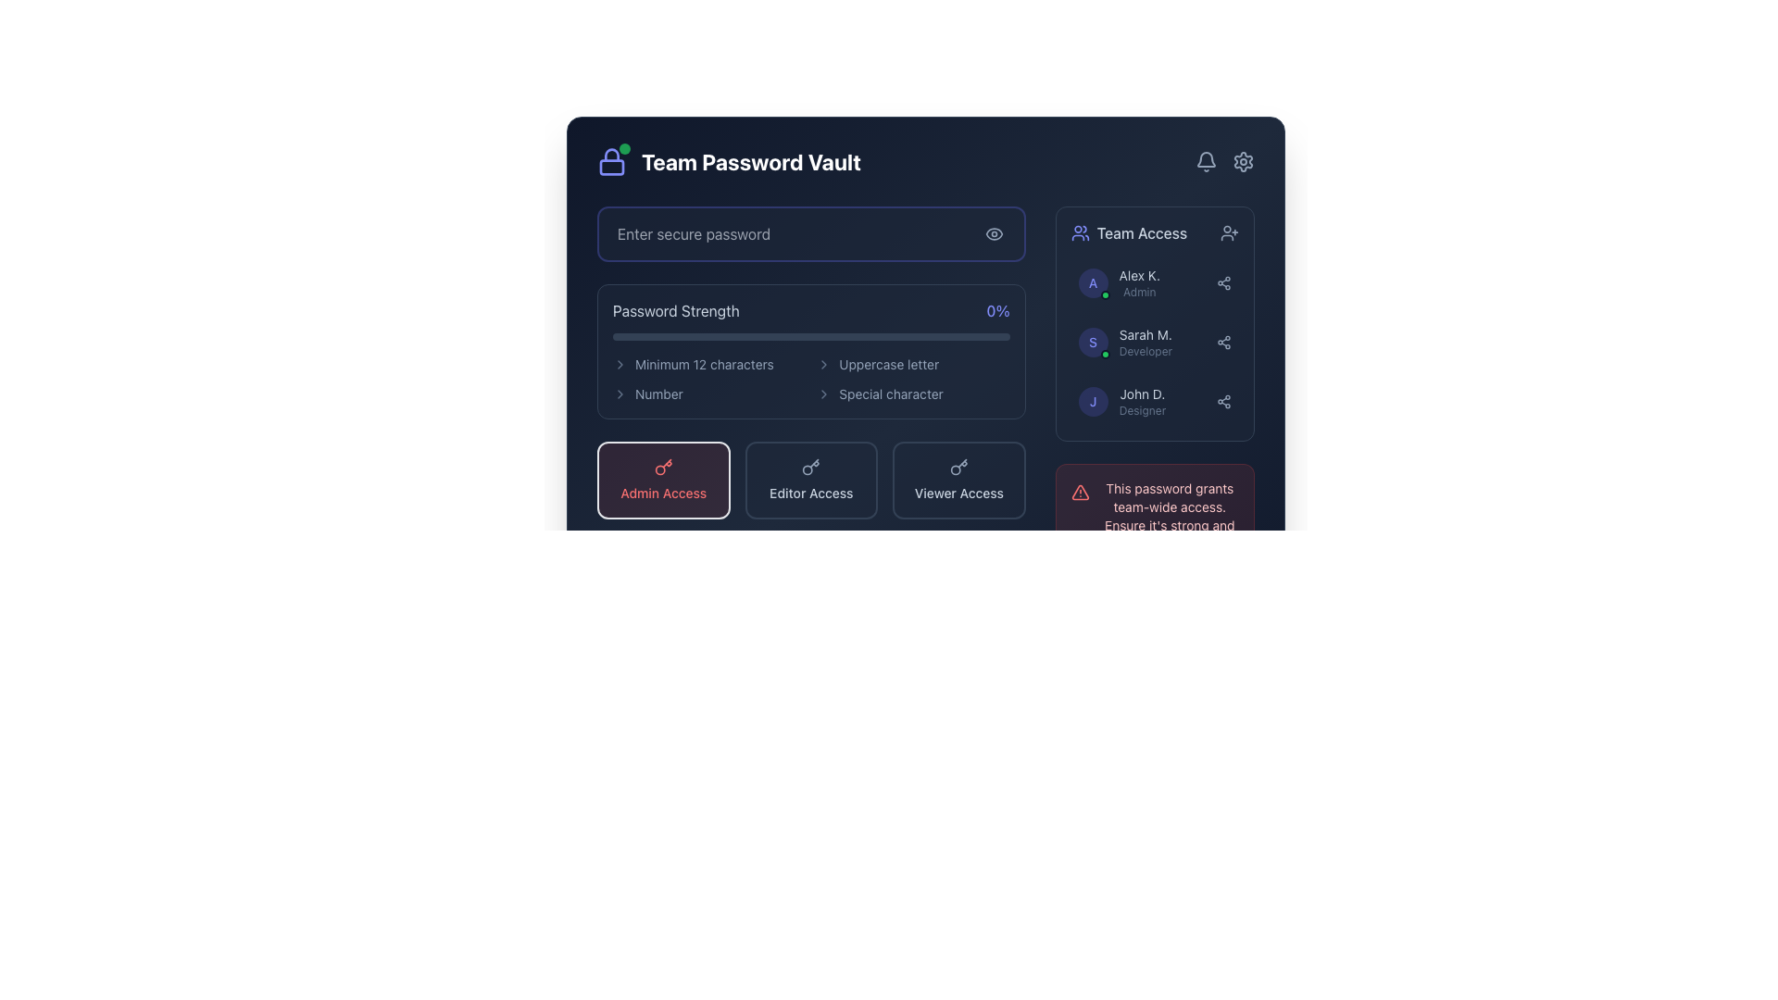 The width and height of the screenshot is (1778, 1000). I want to click on the static text label indicating the designation 'Designer' of the user 'John D.' located at the bottom of the 'Team Access' sidebar panel, so click(1141, 409).